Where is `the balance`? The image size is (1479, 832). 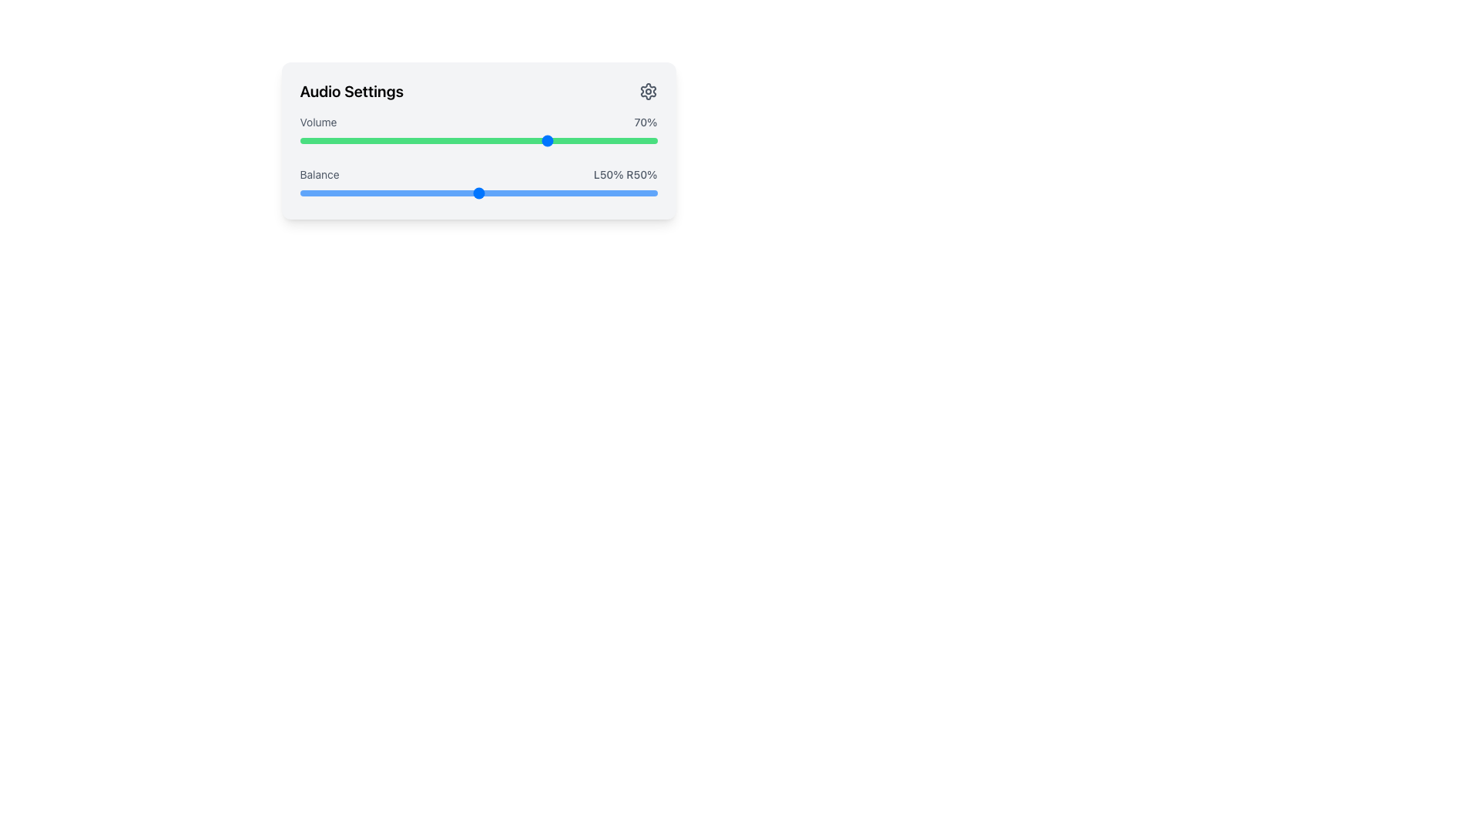
the balance is located at coordinates (411, 192).